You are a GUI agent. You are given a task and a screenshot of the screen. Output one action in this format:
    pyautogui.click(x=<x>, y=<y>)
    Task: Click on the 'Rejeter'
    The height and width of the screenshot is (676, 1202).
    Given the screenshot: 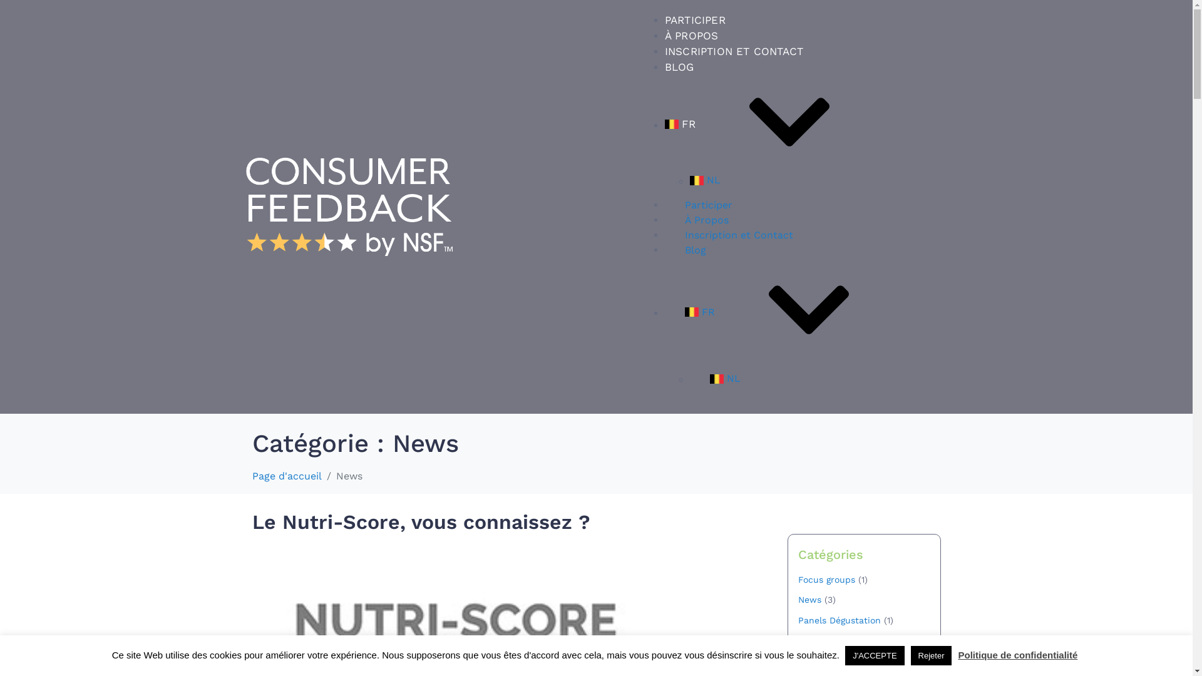 What is the action you would take?
    pyautogui.click(x=932, y=655)
    